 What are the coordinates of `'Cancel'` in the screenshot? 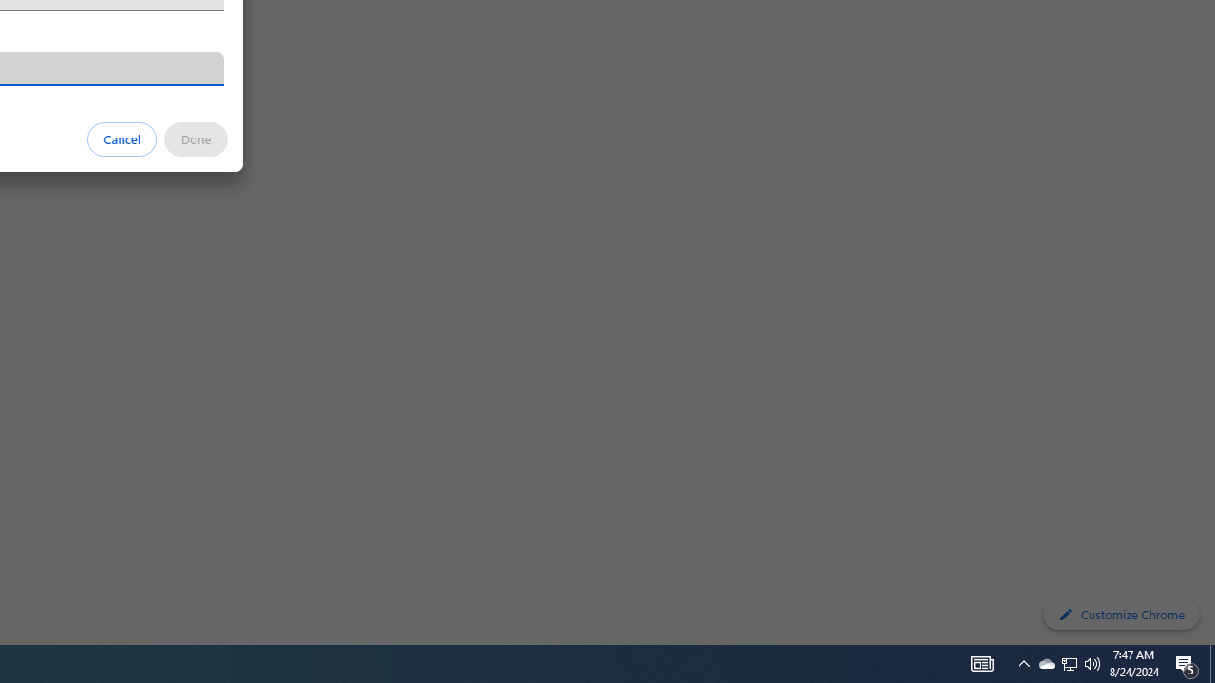 It's located at (121, 138).